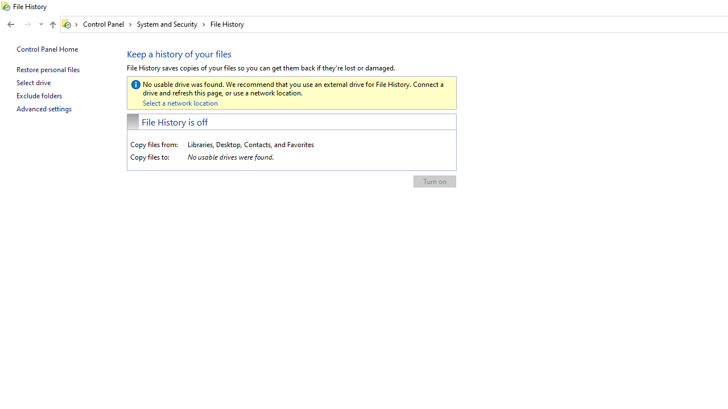  Describe the element at coordinates (44, 108) in the screenshot. I see `'Advanced settings'` at that location.